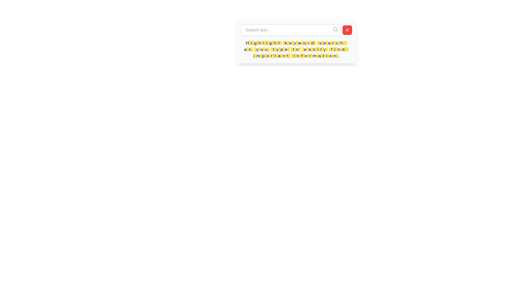 The image size is (513, 288). What do you see at coordinates (333, 49) in the screenshot?
I see `the 23rd rectangular highlighting background element that emphasizes specific keywords or phrases in the text, located towards the bottom-right of the paragraph` at bounding box center [333, 49].